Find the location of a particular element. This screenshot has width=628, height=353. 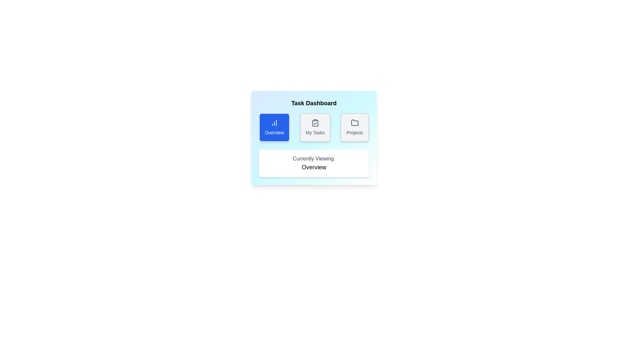

the My Tasks tab to view its content is located at coordinates (315, 127).